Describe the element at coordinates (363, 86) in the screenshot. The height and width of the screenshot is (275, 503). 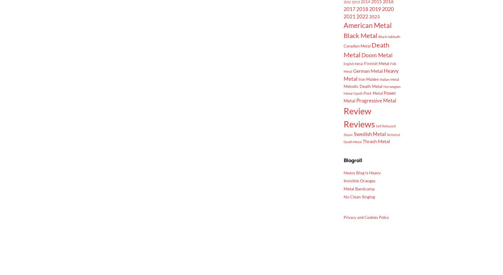
I see `'Melodic Death Metal'` at that location.